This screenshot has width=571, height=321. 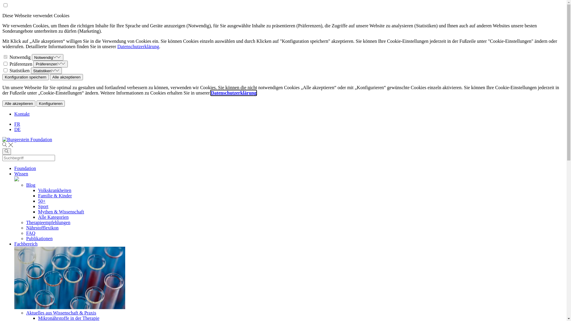 What do you see at coordinates (39, 238) in the screenshot?
I see `'Publikationen'` at bounding box center [39, 238].